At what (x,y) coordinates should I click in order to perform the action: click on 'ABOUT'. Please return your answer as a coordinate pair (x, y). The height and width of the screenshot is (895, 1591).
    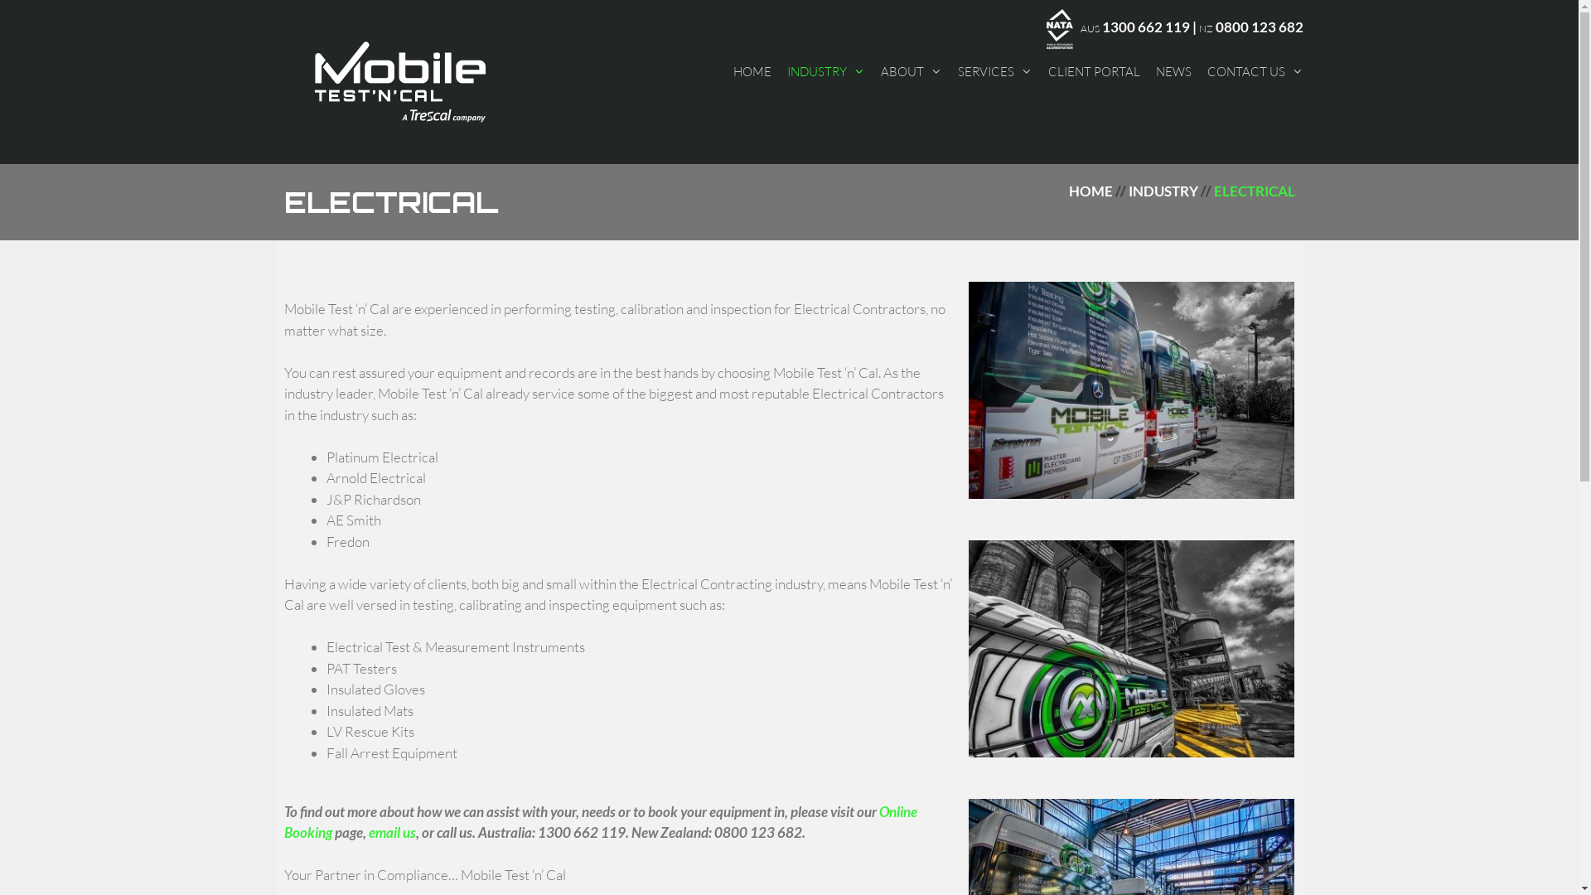
    Looking at the image, I should click on (878, 70).